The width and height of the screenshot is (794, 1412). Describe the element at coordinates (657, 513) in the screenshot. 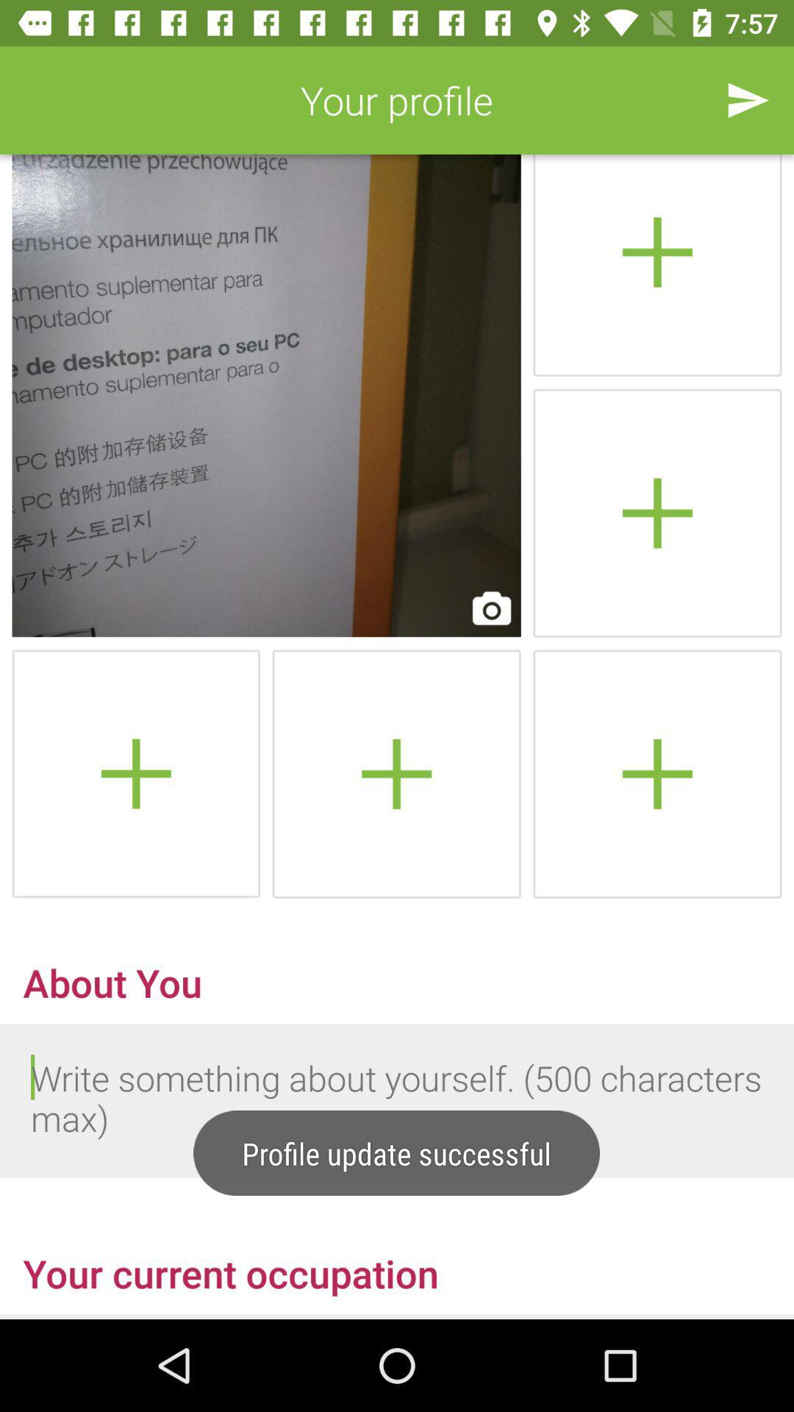

I see `photo` at that location.